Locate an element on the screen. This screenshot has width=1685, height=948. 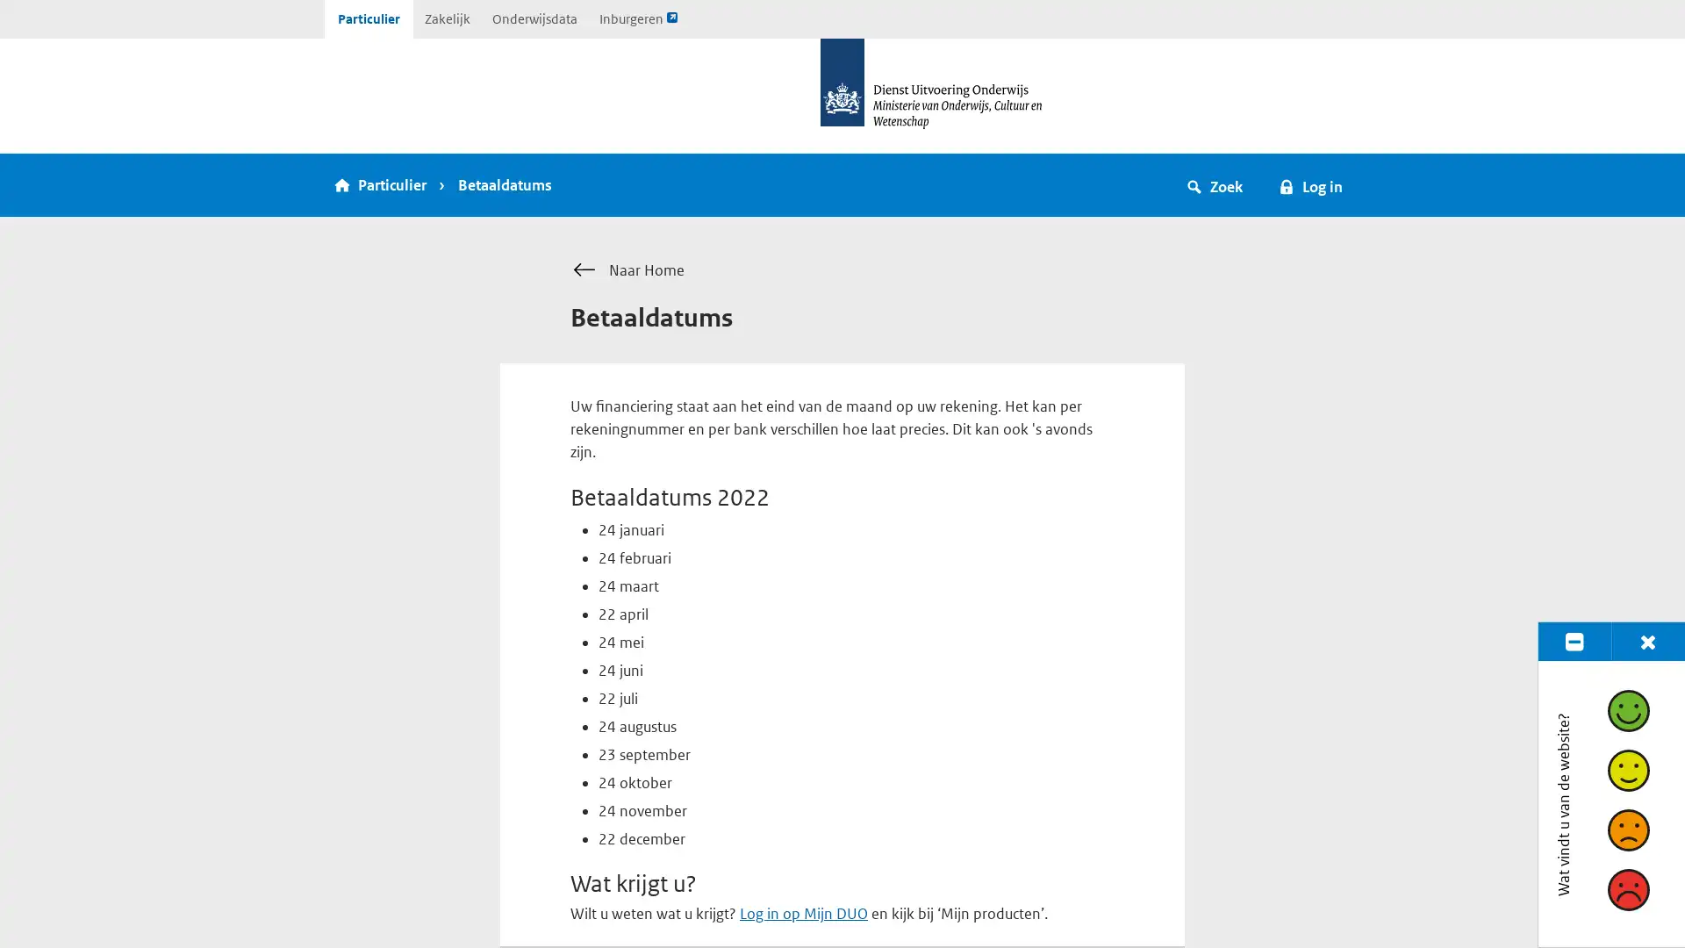
Goed is located at coordinates (1626, 709).